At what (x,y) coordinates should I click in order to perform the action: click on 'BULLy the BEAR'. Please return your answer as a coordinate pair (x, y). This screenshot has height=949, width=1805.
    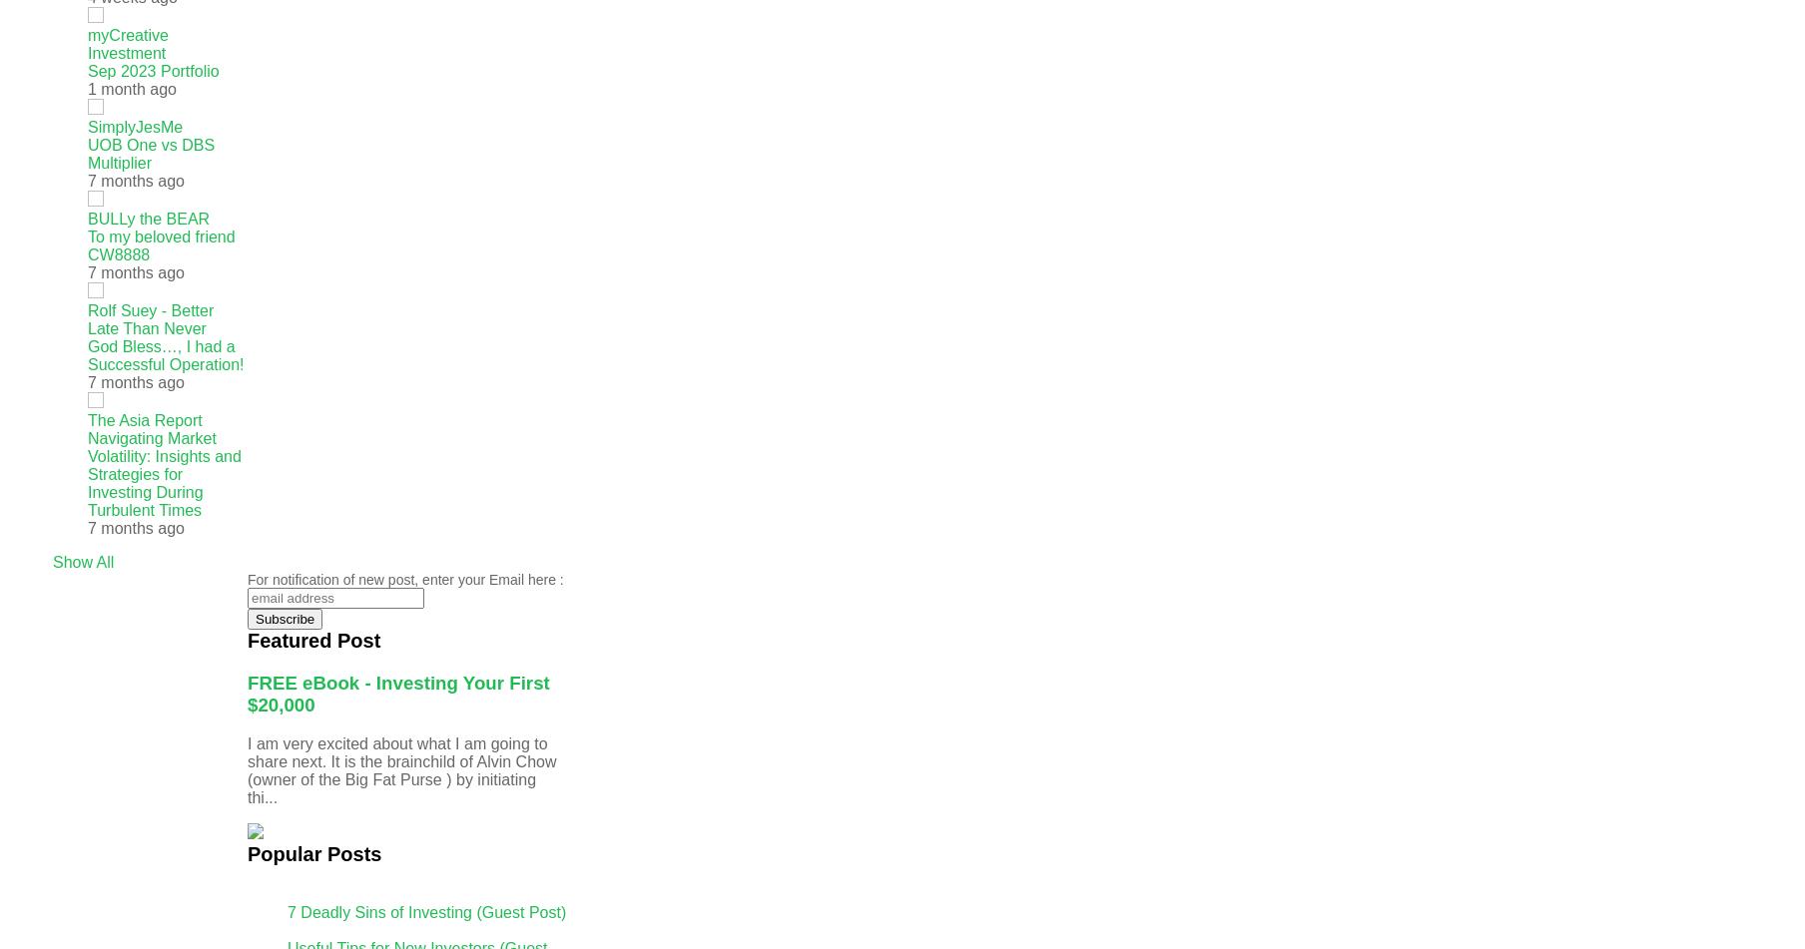
    Looking at the image, I should click on (87, 219).